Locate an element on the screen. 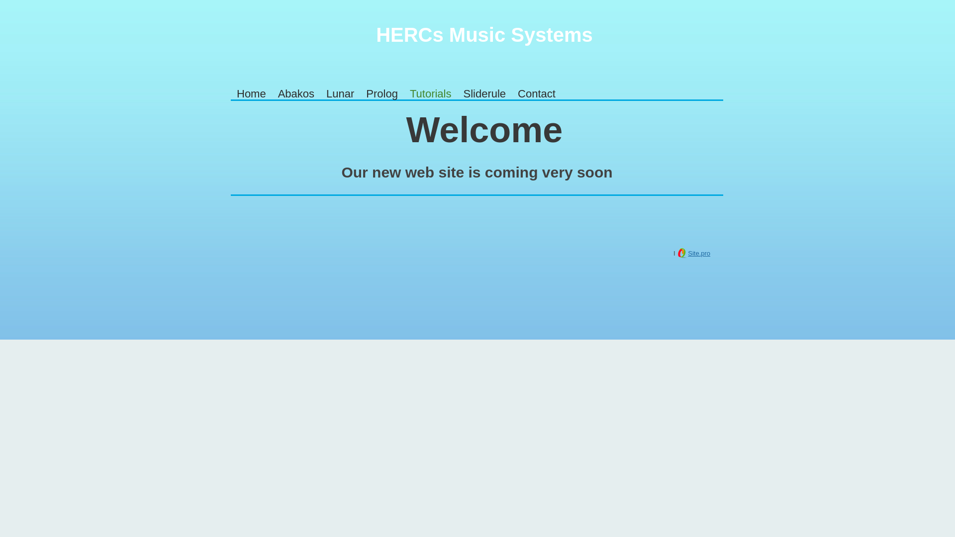  'Sliderule' is located at coordinates (484, 94).